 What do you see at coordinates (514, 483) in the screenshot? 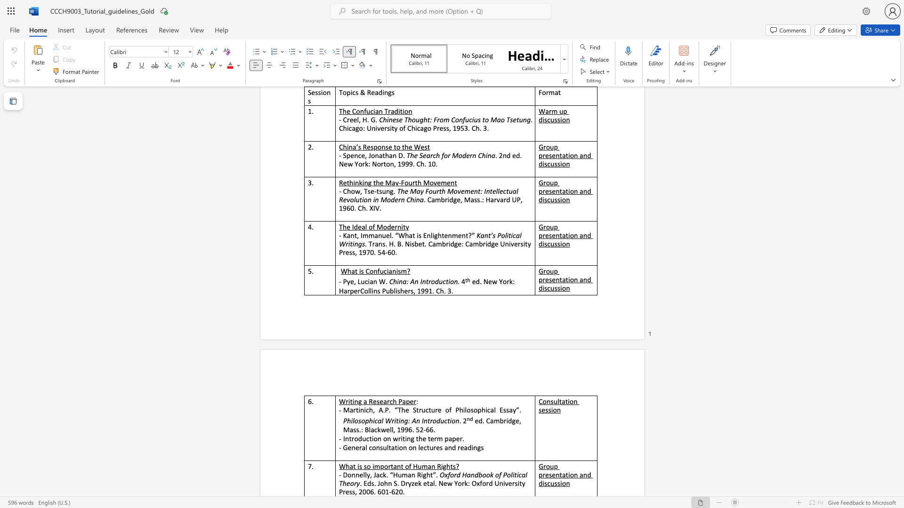
I see `the subset text "sity Press, 200" within the text ". Eds. John S. Dryzek etal. New York: Oxford University Press, 2006. 601-620."` at bounding box center [514, 483].